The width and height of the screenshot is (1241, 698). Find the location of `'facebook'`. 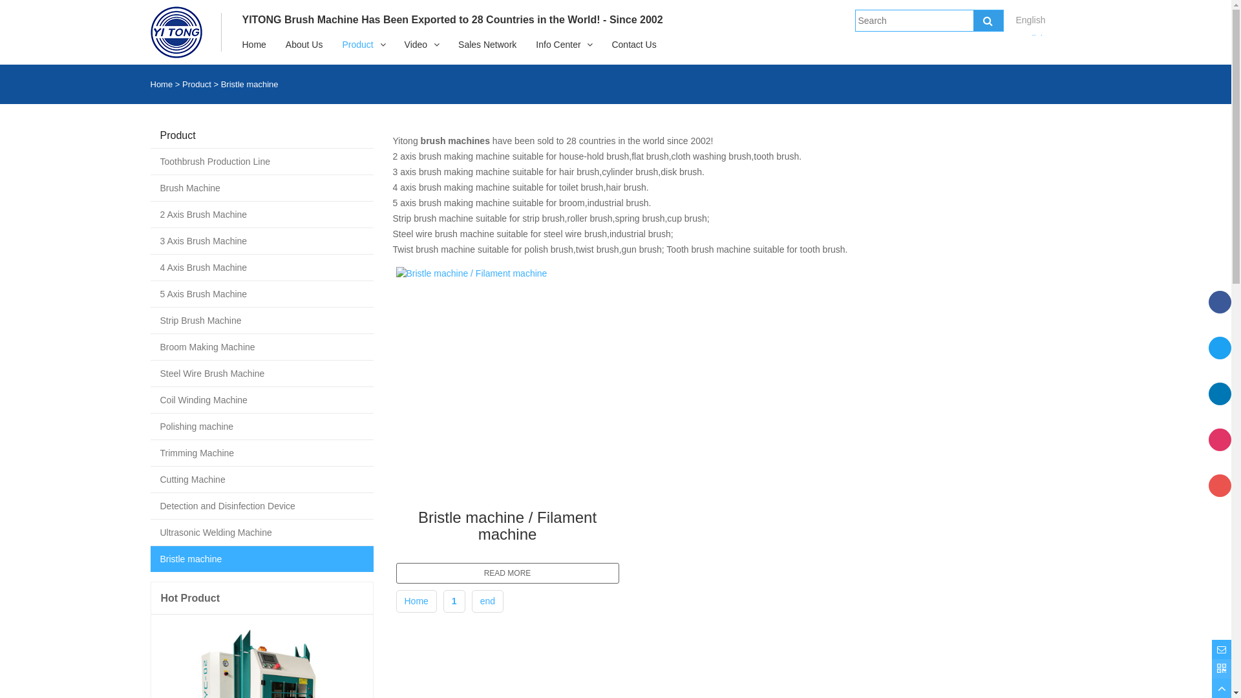

'facebook' is located at coordinates (1219, 313).